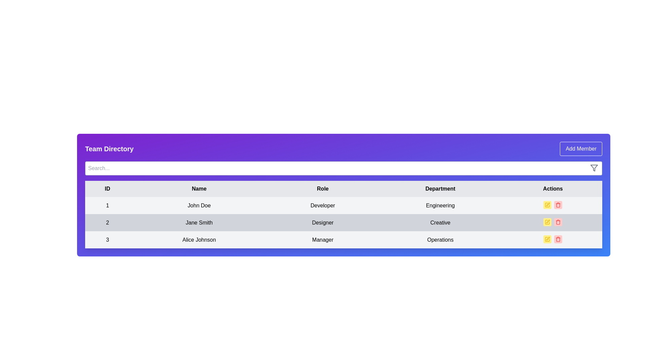  Describe the element at coordinates (322, 239) in the screenshot. I see `static text label indicating the role 'Manager' for 'Alice Johnson' located in the third row of the table under the 'Role' column` at that location.